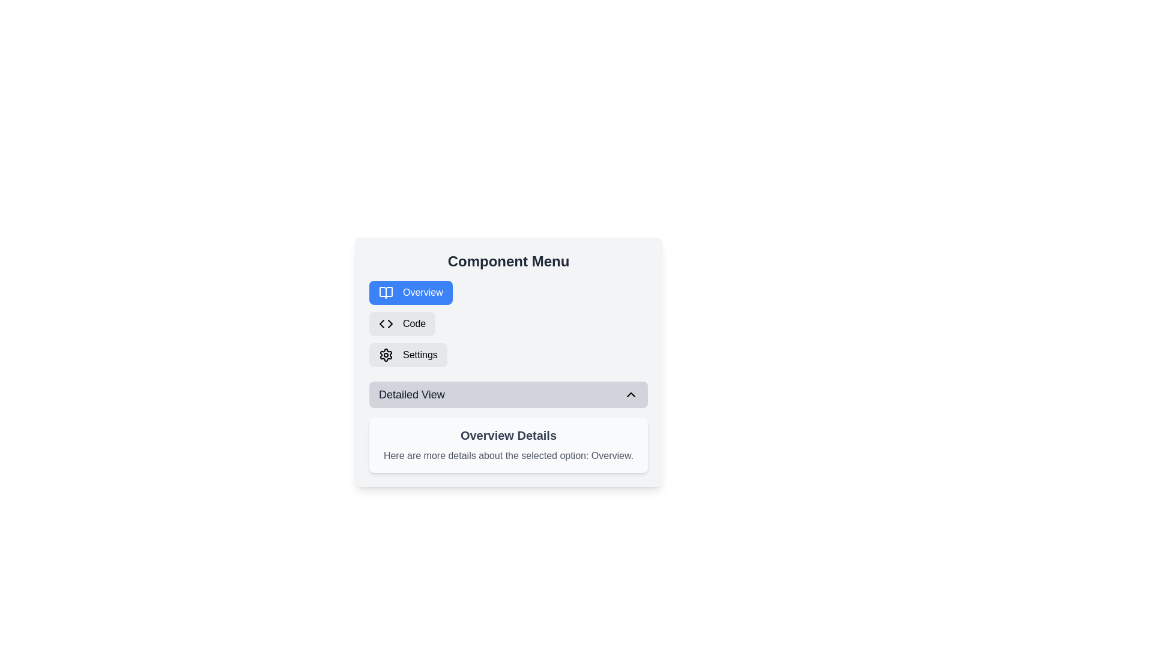 The width and height of the screenshot is (1153, 648). Describe the element at coordinates (414, 324) in the screenshot. I see `the text label reading 'Code' in the menu options` at that location.